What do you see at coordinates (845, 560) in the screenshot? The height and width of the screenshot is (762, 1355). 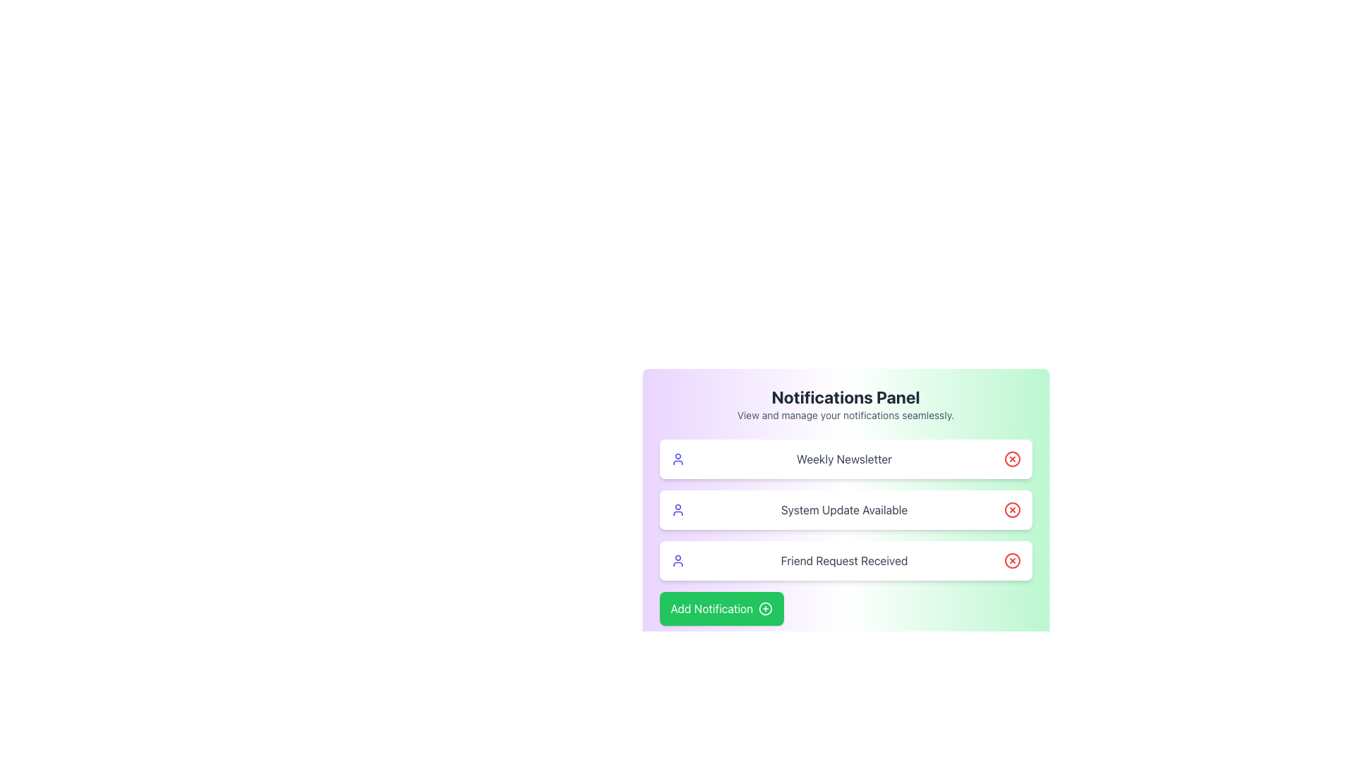 I see `the notification text in the Notification Block that informs about a received friend request` at bounding box center [845, 560].